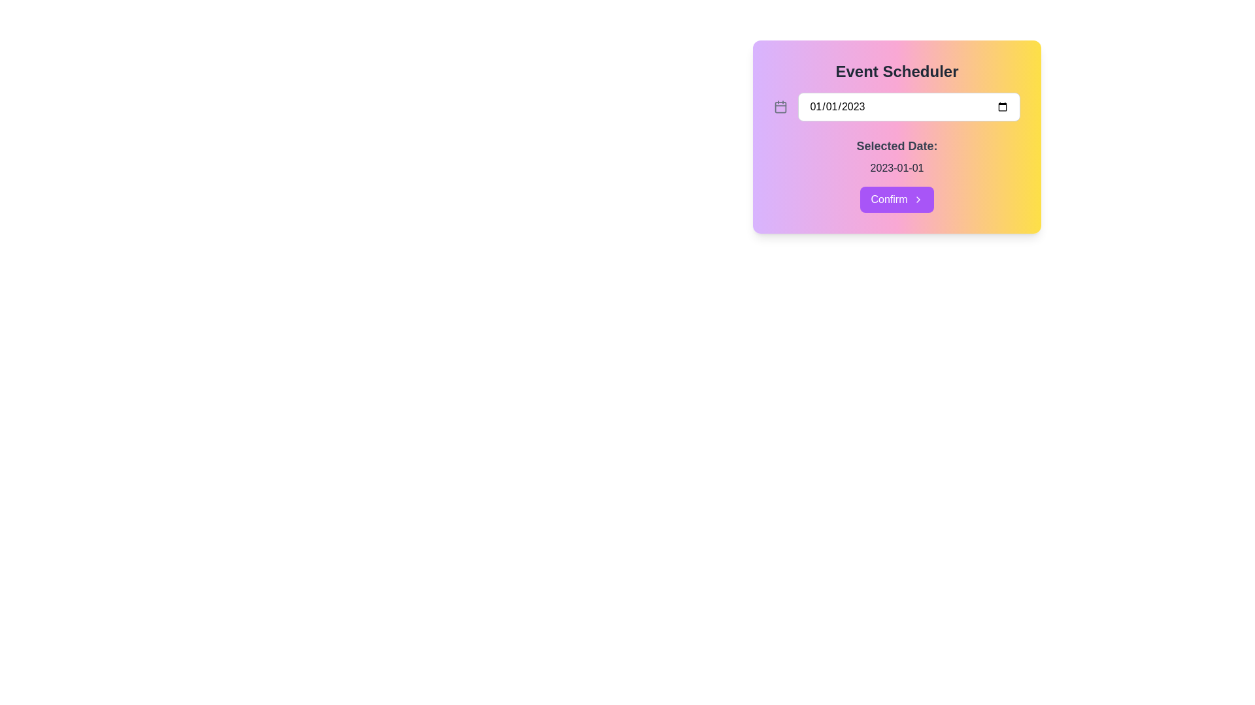 The image size is (1255, 705). I want to click on the icon located to the far right of the 'Confirm' button, which indicates action or progression upon activation, so click(917, 199).